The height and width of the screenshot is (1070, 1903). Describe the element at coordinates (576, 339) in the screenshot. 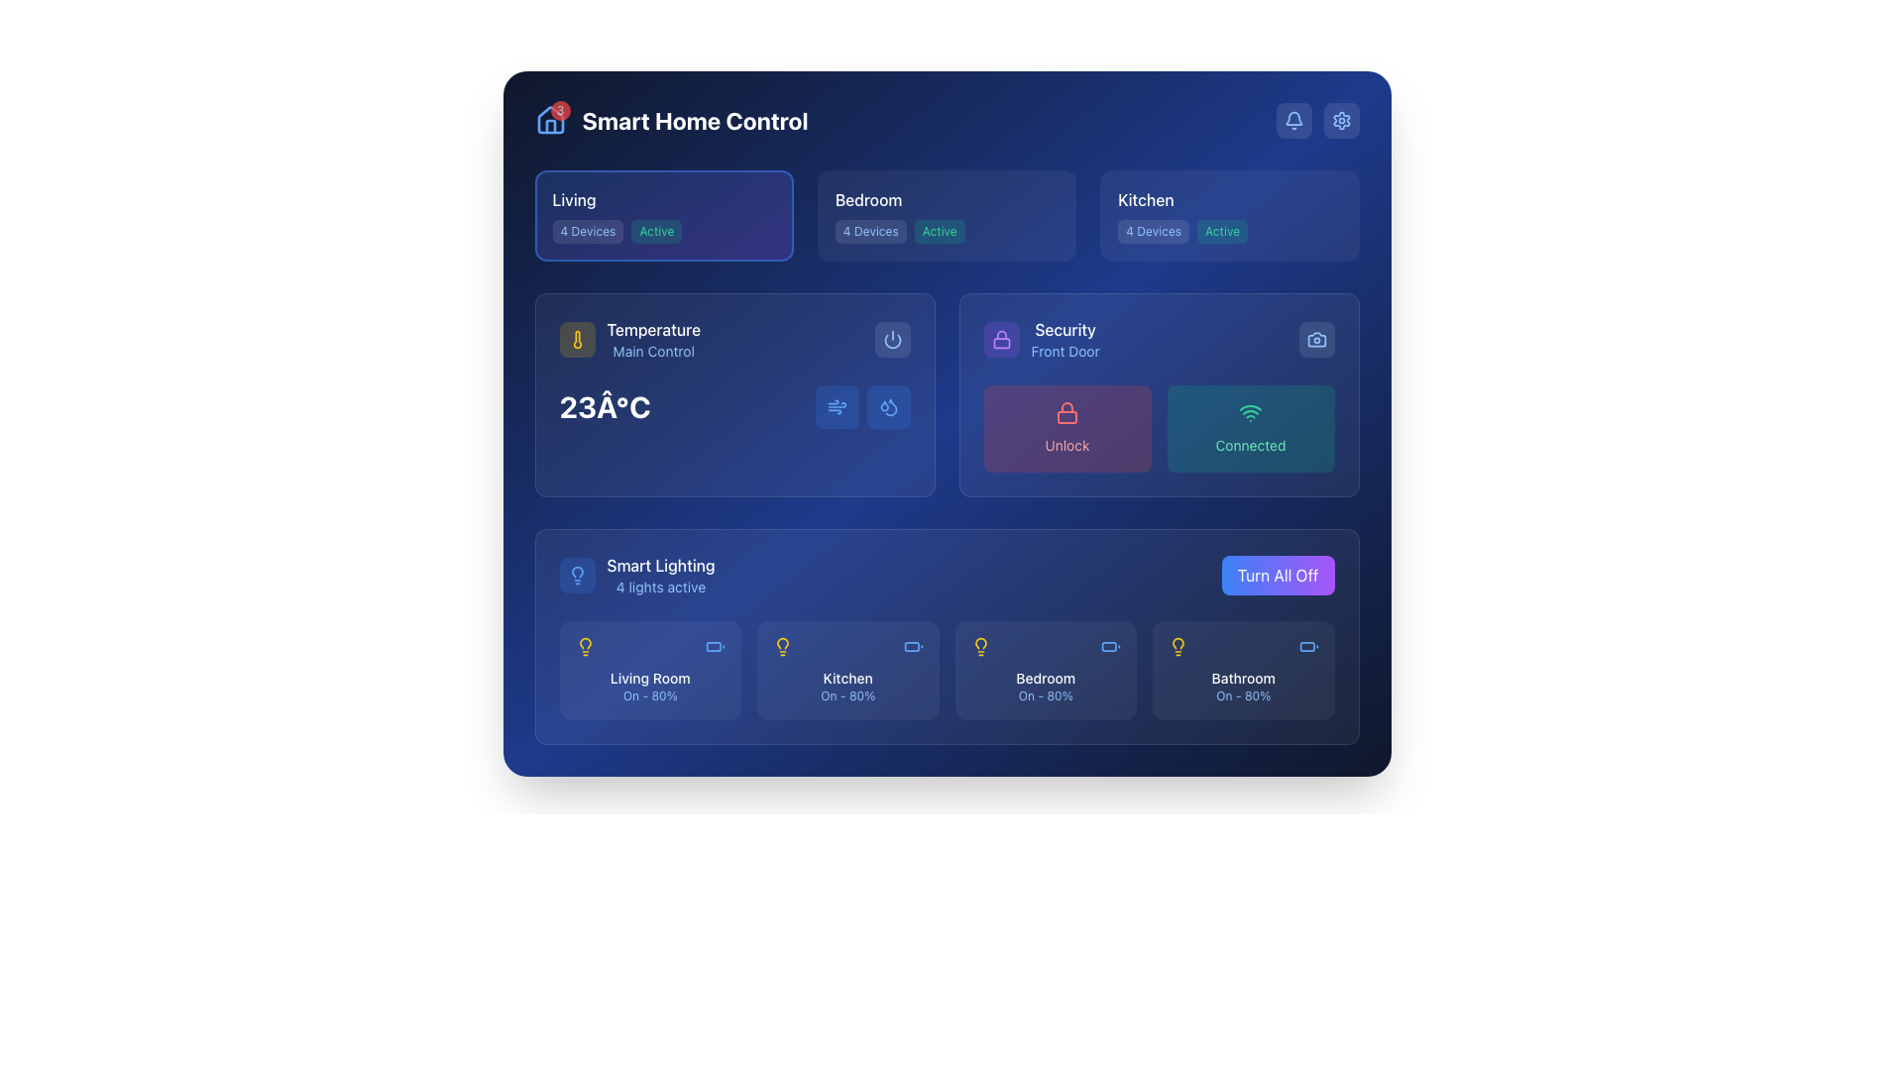

I see `the temperature control icon located in the top-left section of the interface, inside the 'Temperature - Main Control' widget` at that location.